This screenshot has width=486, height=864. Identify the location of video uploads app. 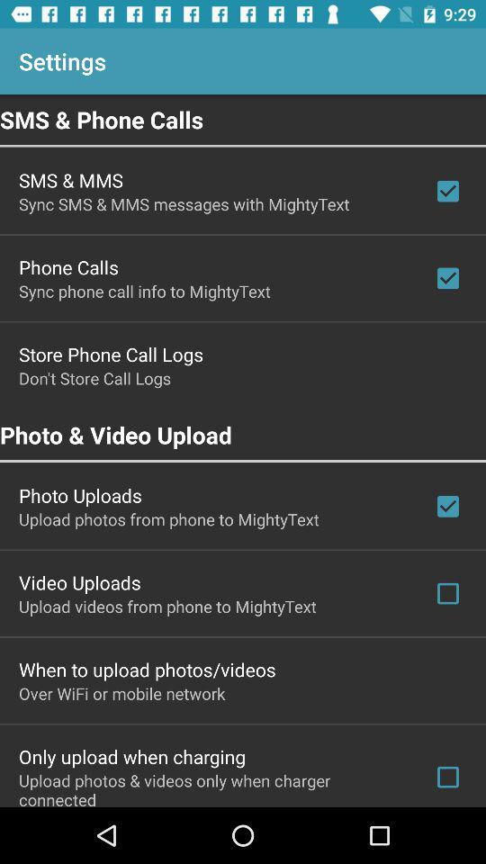
(78, 581).